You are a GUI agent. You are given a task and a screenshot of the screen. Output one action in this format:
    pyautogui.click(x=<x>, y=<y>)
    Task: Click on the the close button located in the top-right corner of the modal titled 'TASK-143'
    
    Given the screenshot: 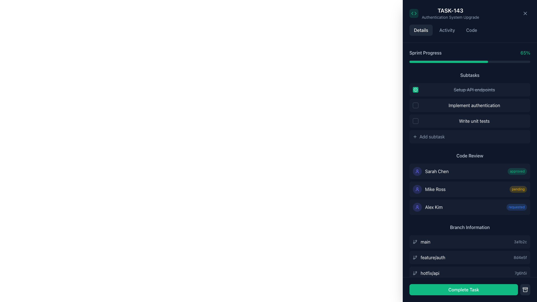 What is the action you would take?
    pyautogui.click(x=525, y=13)
    